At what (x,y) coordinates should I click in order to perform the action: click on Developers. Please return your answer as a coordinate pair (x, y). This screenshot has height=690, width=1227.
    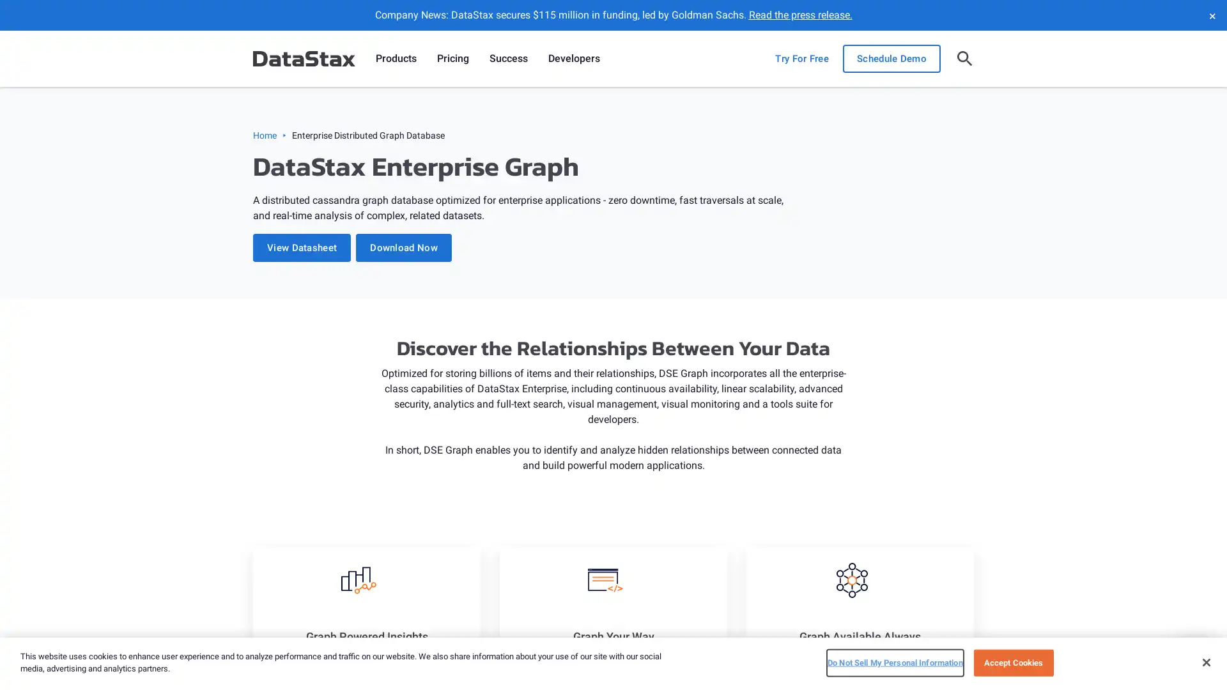
    Looking at the image, I should click on (573, 59).